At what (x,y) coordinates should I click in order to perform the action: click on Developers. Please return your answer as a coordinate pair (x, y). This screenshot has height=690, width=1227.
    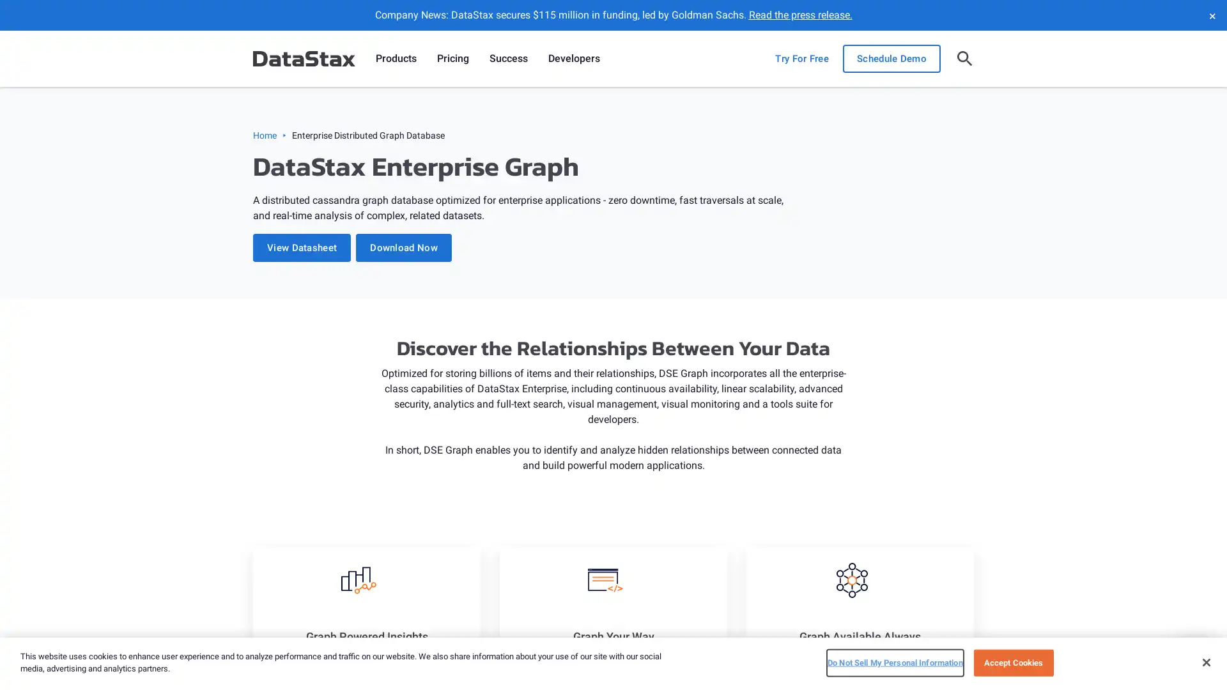
    Looking at the image, I should click on (573, 59).